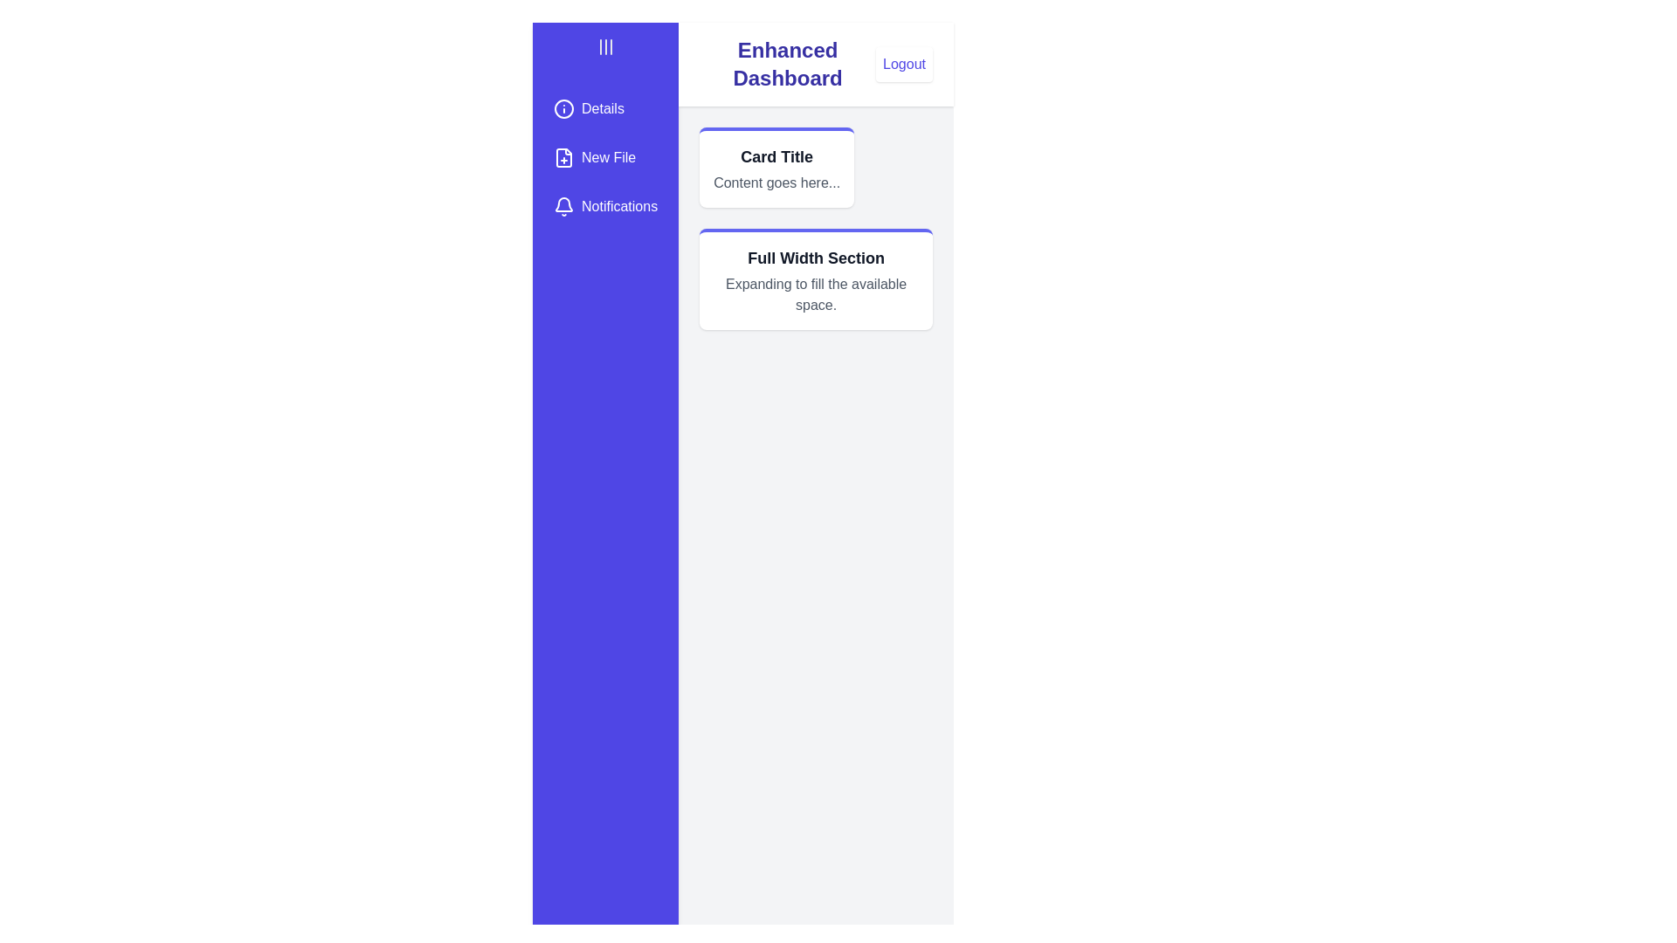 This screenshot has width=1677, height=943. I want to click on the 'New File' icon located in the vertical navigation menu, so click(564, 158).